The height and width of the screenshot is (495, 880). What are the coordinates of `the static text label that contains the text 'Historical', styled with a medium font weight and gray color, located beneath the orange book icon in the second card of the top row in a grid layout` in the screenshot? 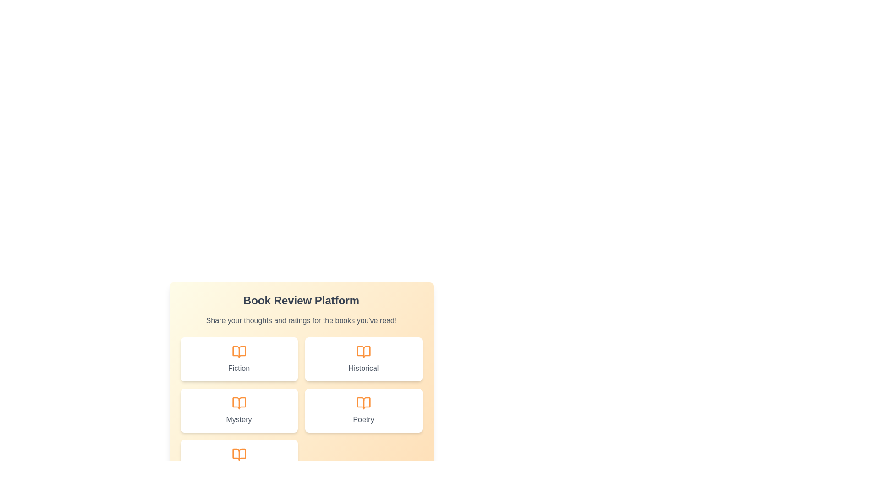 It's located at (363, 368).